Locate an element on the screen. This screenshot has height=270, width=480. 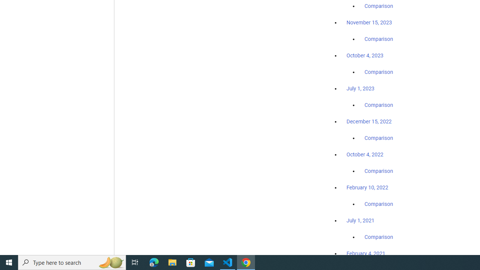
'February 10, 2022' is located at coordinates (367, 187).